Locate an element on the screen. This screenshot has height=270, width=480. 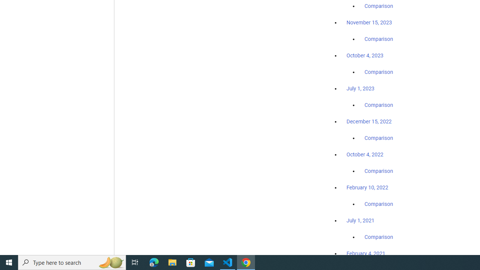
'February 10, 2022' is located at coordinates (367, 187).